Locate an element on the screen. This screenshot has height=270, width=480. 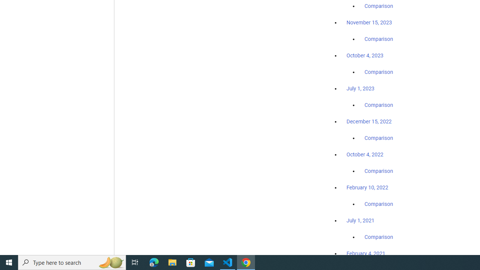
'February 10, 2022' is located at coordinates (367, 187).